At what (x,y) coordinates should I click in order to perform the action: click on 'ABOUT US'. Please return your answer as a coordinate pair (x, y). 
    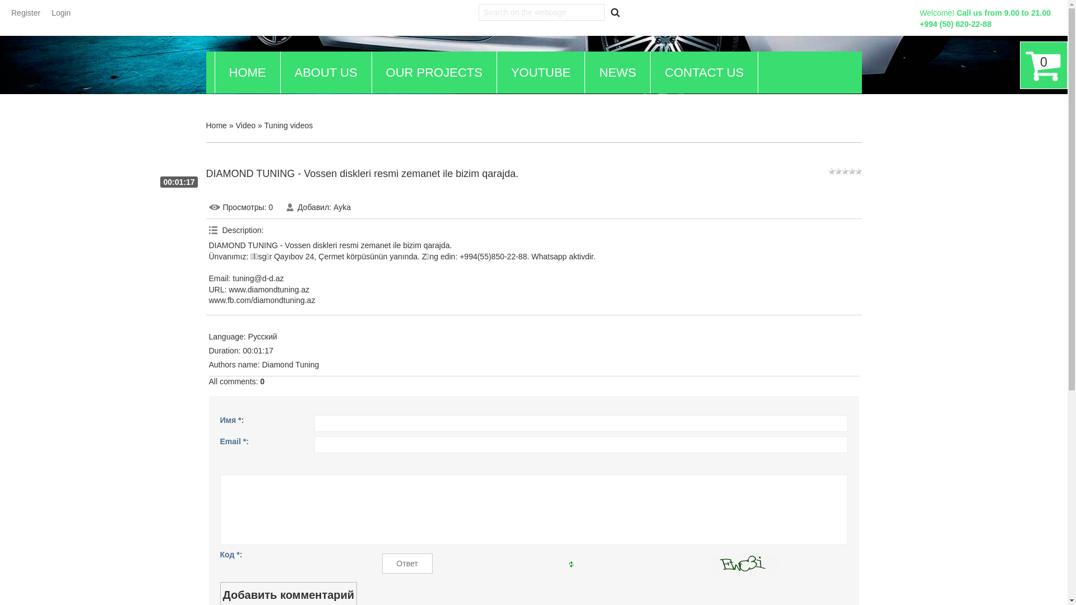
    Looking at the image, I should click on (324, 72).